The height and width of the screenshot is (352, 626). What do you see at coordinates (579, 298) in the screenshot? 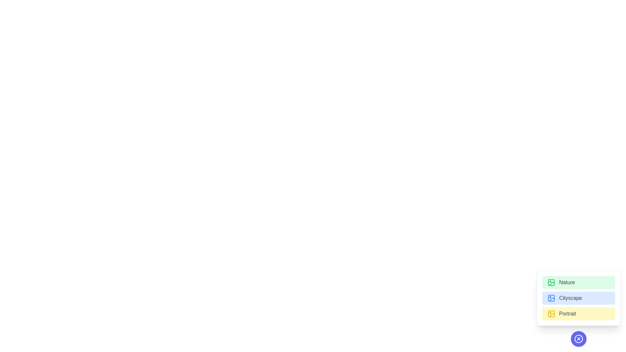
I see `the Cityscape button to select it` at bounding box center [579, 298].